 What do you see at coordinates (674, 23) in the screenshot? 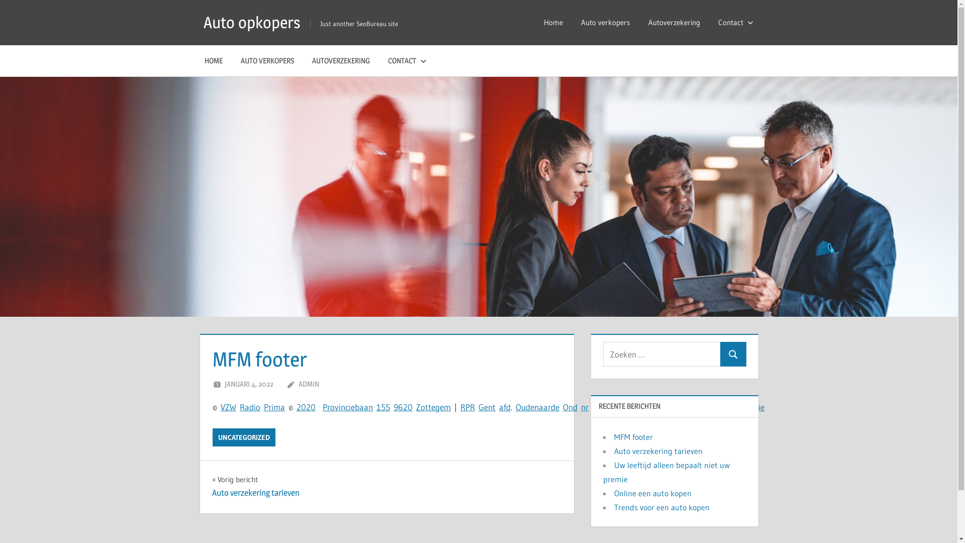
I see `'Autoverzekering'` at bounding box center [674, 23].